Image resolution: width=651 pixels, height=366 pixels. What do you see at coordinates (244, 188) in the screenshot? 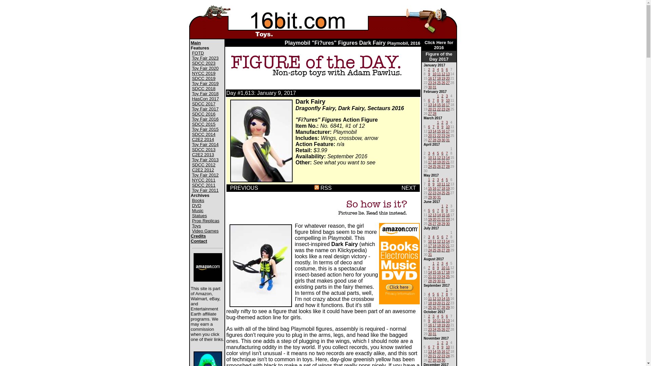
I see `'PREVIOUS'` at bounding box center [244, 188].